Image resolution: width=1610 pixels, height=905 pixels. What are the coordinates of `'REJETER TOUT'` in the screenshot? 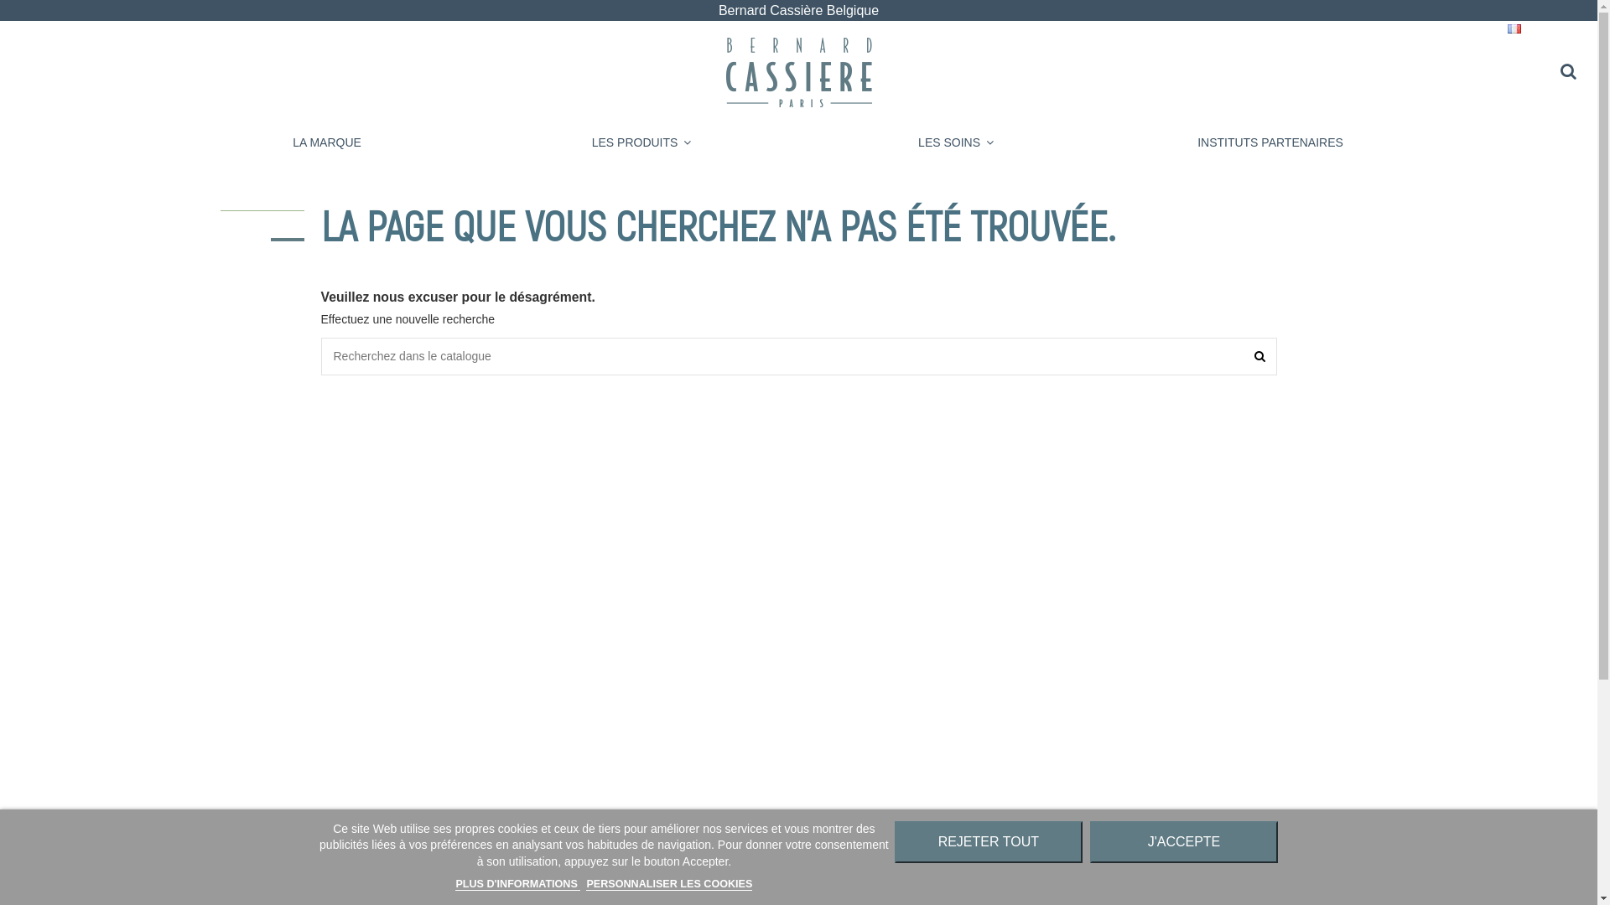 It's located at (989, 842).